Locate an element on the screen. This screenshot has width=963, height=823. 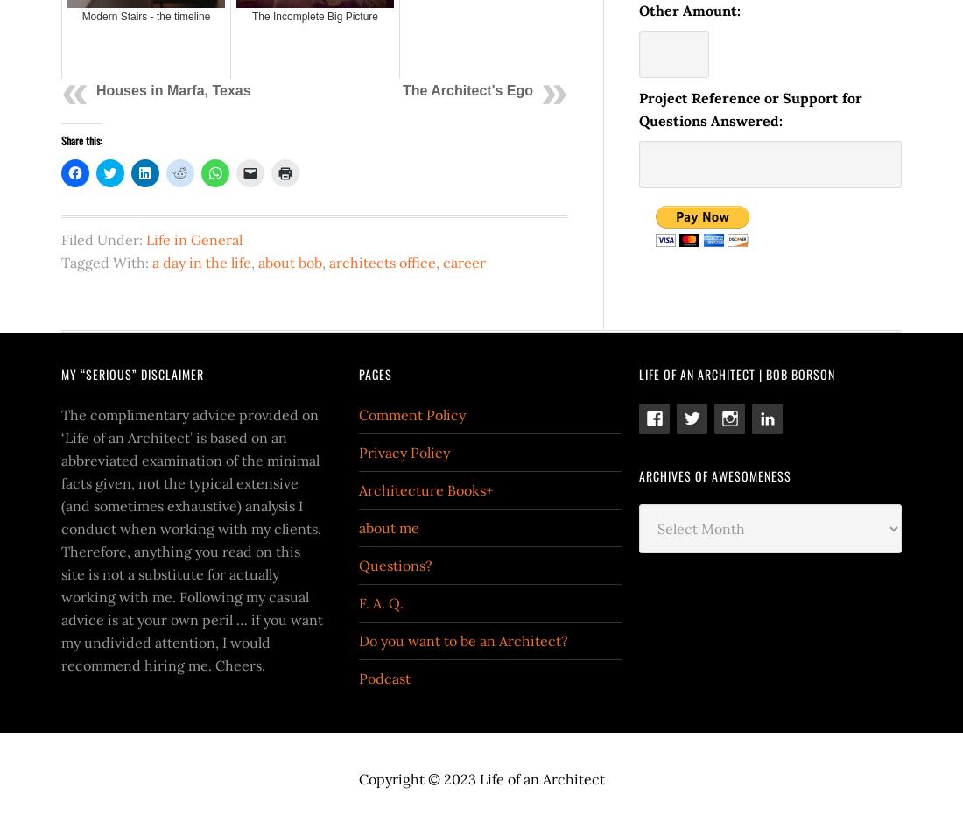
'Archives of Awesomeness' is located at coordinates (637, 474).